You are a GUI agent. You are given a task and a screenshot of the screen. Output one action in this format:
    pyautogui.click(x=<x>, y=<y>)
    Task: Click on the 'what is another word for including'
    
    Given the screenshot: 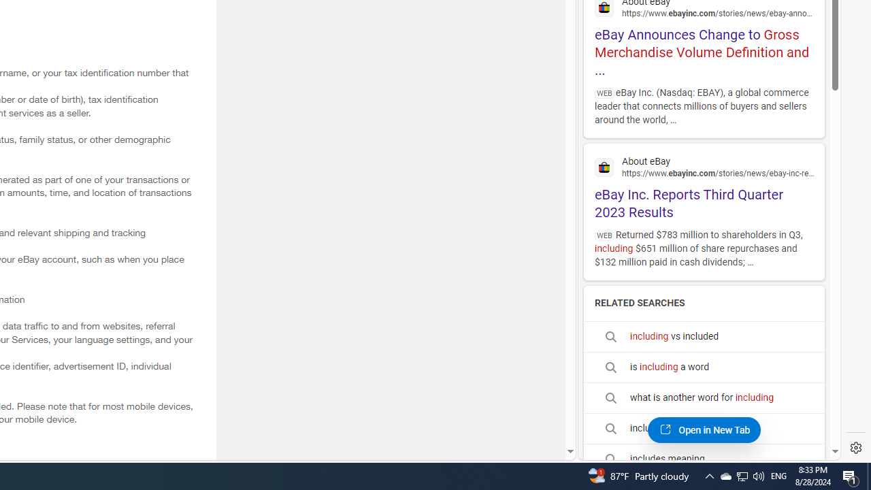 What is the action you would take?
    pyautogui.click(x=704, y=397)
    